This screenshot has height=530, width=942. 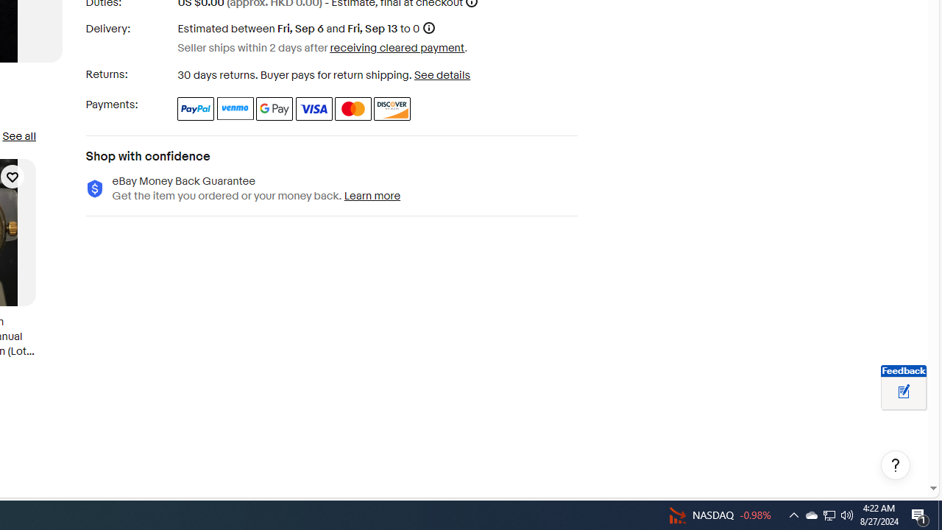 What do you see at coordinates (18, 136) in the screenshot?
I see `'See all'` at bounding box center [18, 136].